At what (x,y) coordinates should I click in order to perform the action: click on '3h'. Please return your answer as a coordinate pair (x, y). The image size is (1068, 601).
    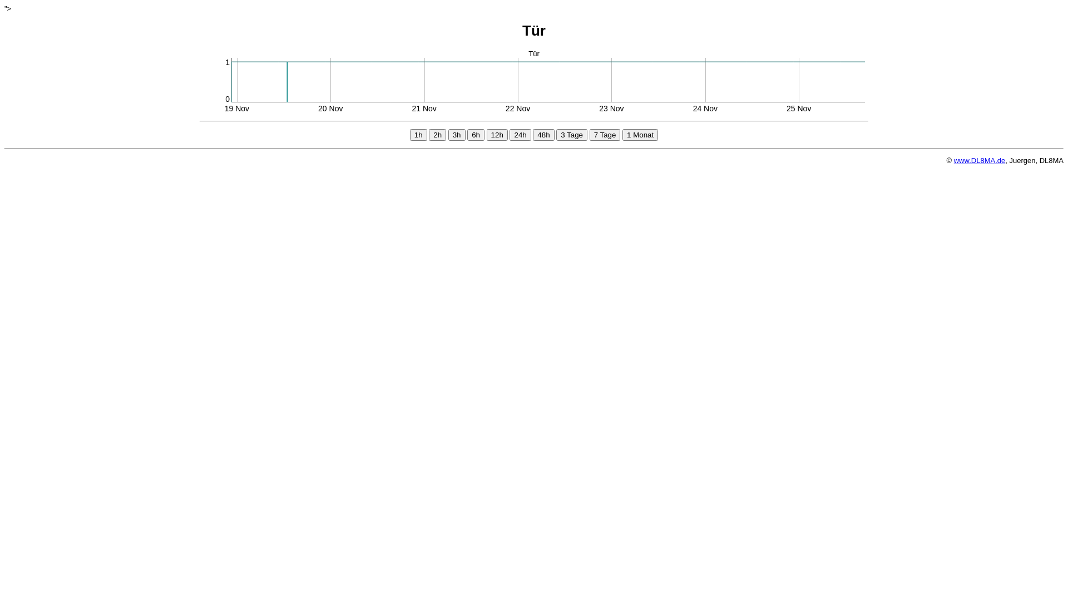
    Looking at the image, I should click on (457, 134).